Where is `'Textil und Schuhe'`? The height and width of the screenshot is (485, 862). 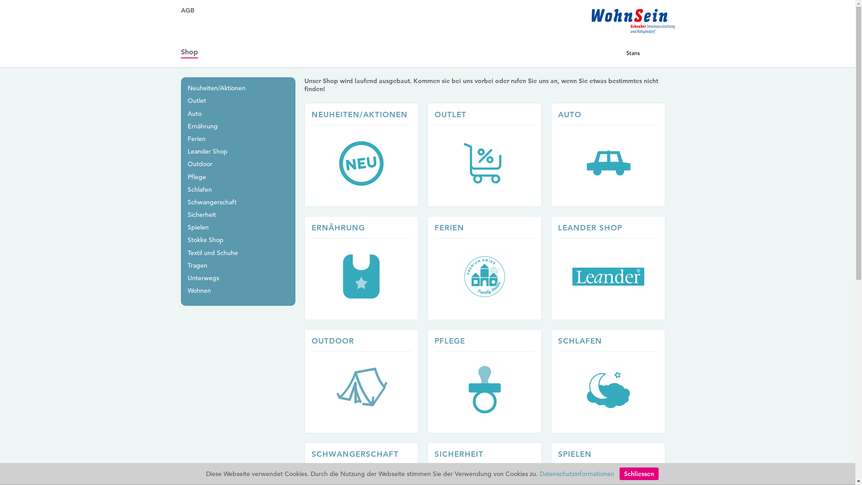 'Textil und Schuhe' is located at coordinates (212, 253).